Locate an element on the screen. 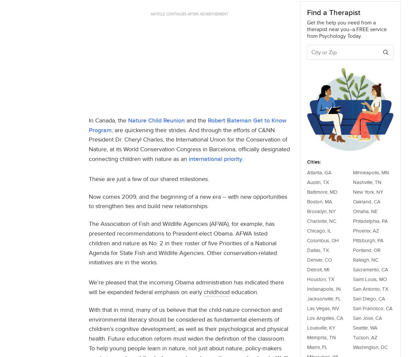 The height and width of the screenshot is (357, 419). 'Columbus, OH' is located at coordinates (307, 240).